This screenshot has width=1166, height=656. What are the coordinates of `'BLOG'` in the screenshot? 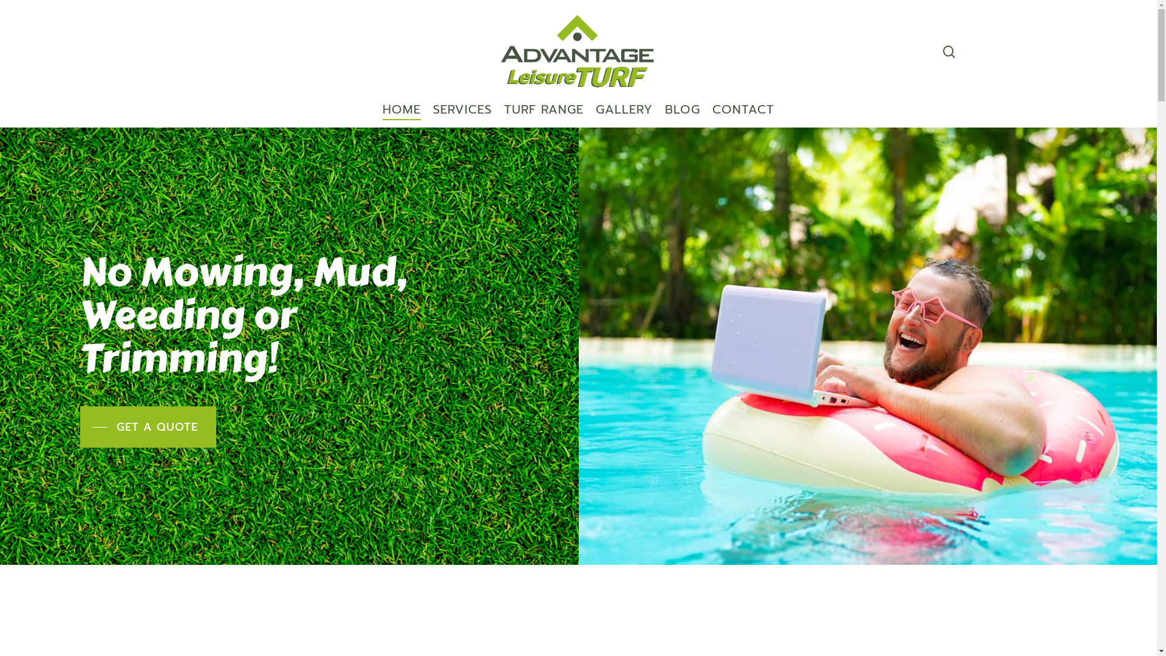 It's located at (682, 115).